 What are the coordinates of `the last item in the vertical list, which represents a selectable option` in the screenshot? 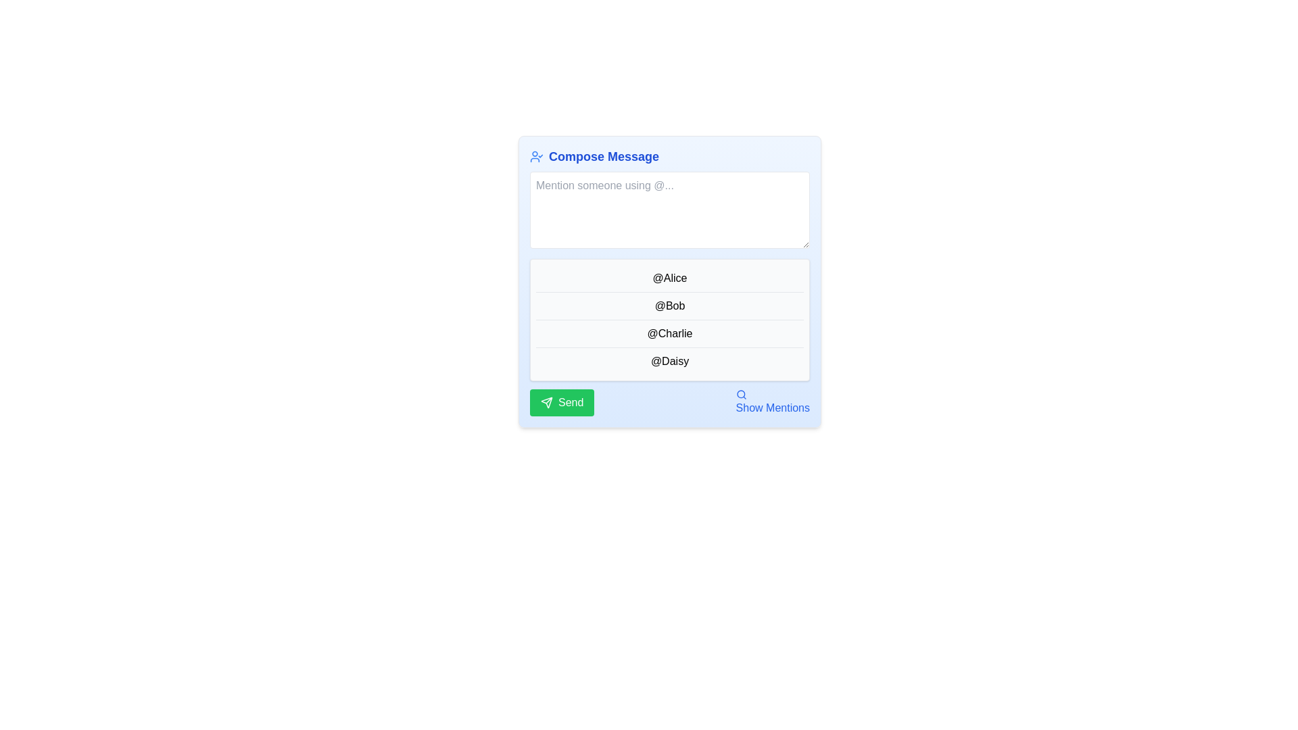 It's located at (669, 360).